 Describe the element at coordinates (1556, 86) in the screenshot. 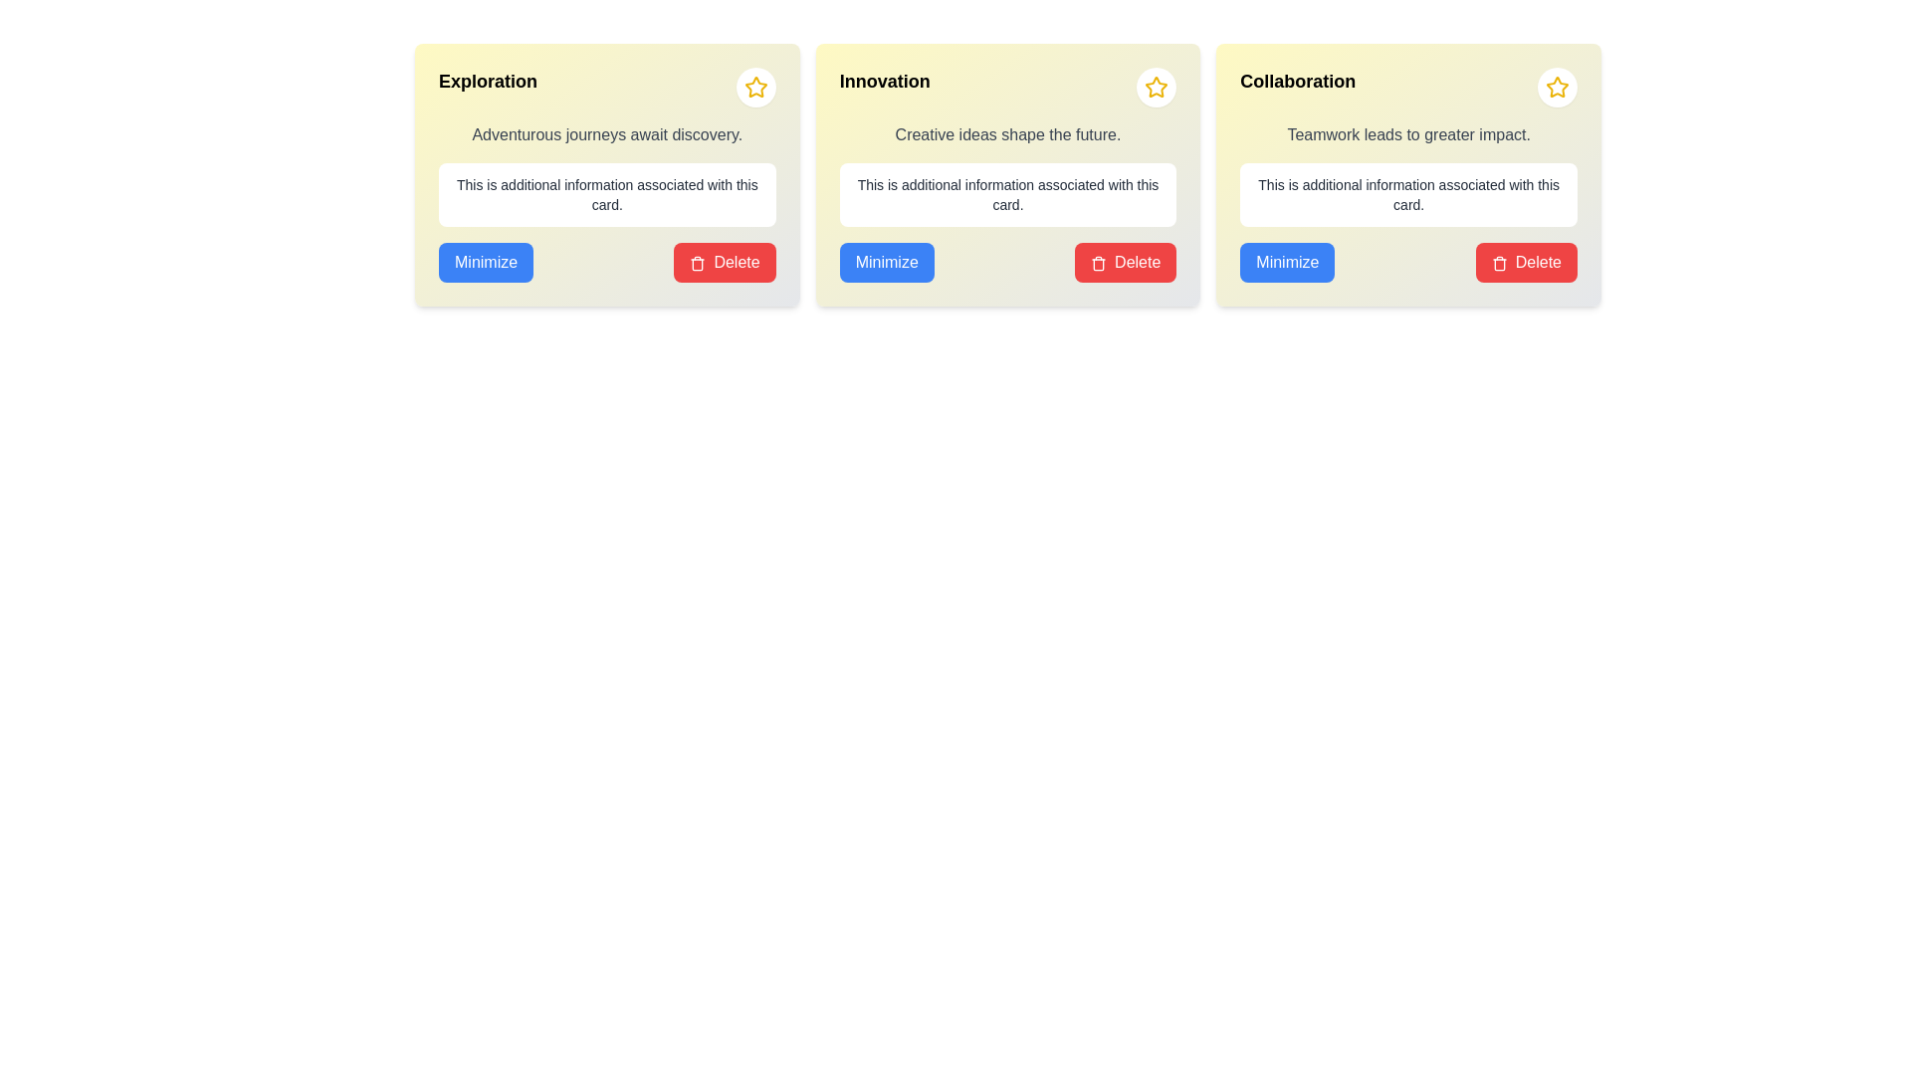

I see `the star icon located at the top right corner of the 'Collaboration' card to interact with it` at that location.